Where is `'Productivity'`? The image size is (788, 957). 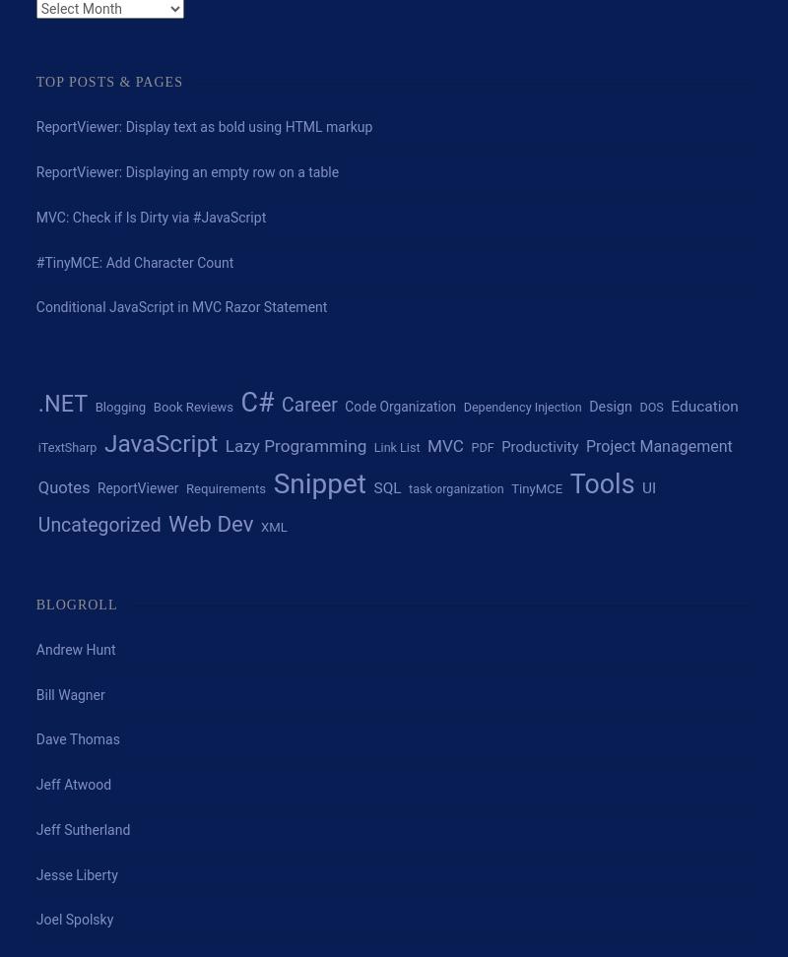
'Productivity' is located at coordinates (540, 446).